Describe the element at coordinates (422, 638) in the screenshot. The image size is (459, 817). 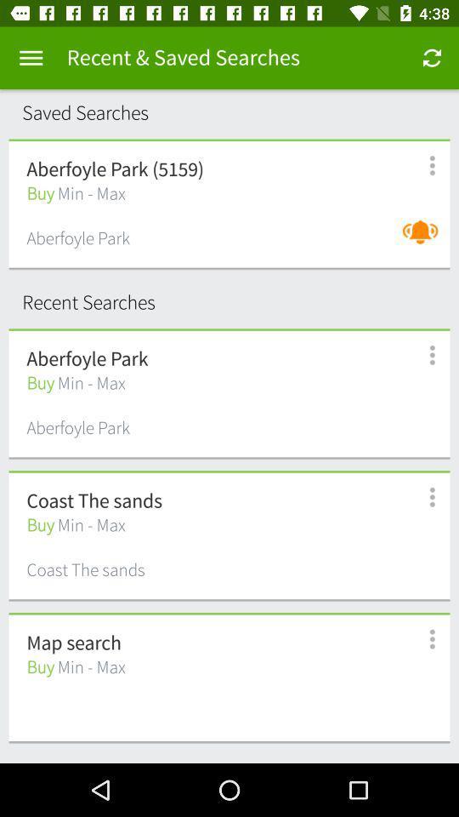
I see `press for more info` at that location.